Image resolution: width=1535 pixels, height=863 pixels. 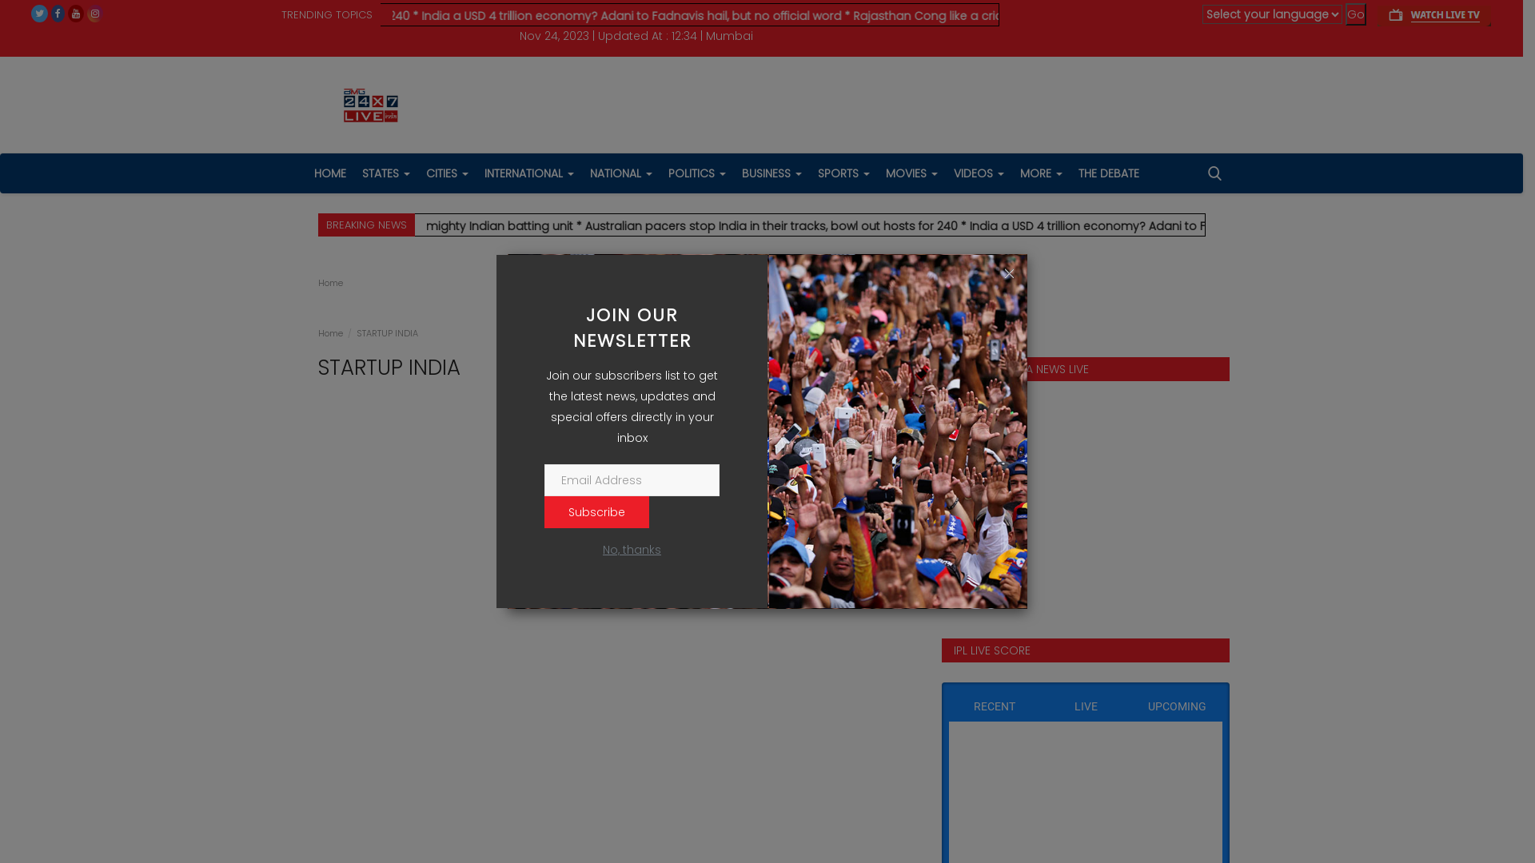 What do you see at coordinates (329, 173) in the screenshot?
I see `'HOME'` at bounding box center [329, 173].